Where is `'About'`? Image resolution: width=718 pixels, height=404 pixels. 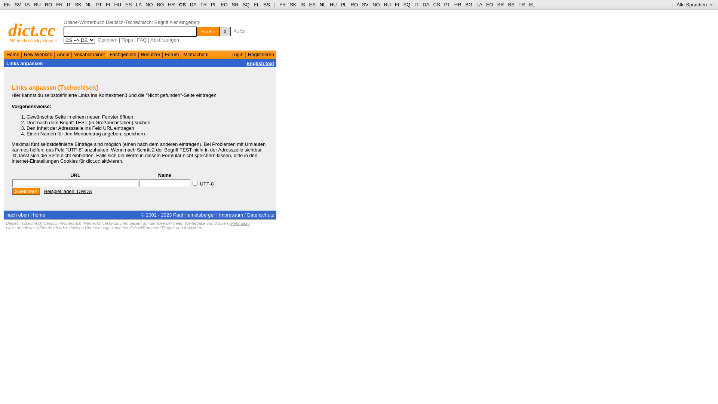
'About' is located at coordinates (63, 54).